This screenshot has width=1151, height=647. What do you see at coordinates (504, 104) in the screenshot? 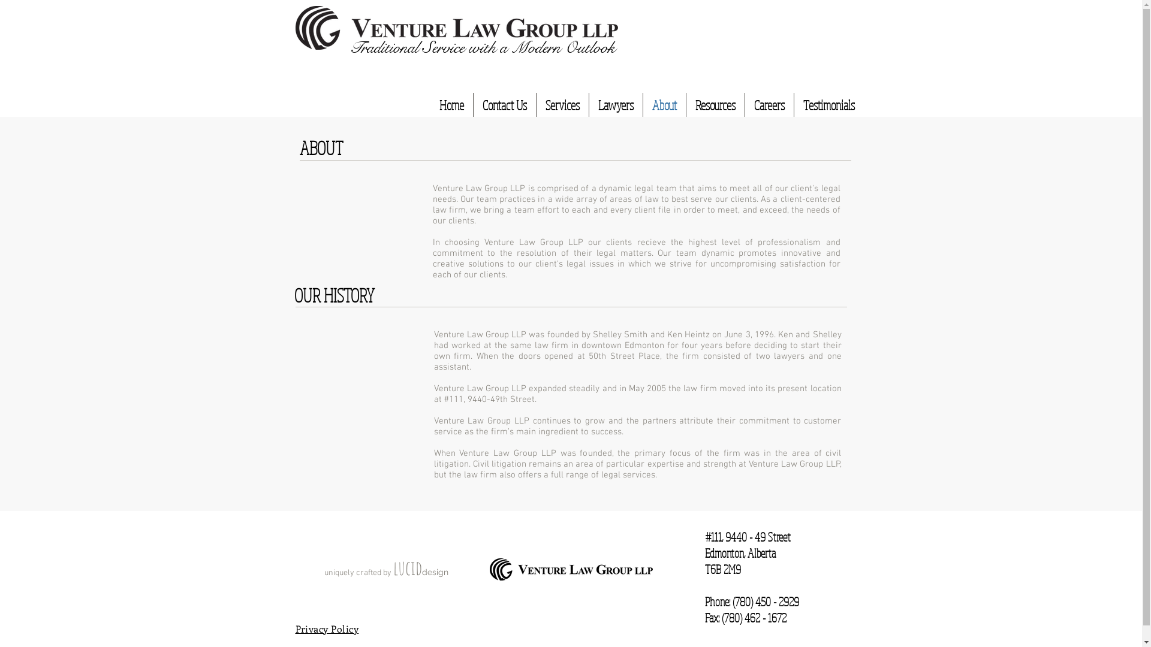
I see `'Contact Us'` at bounding box center [504, 104].